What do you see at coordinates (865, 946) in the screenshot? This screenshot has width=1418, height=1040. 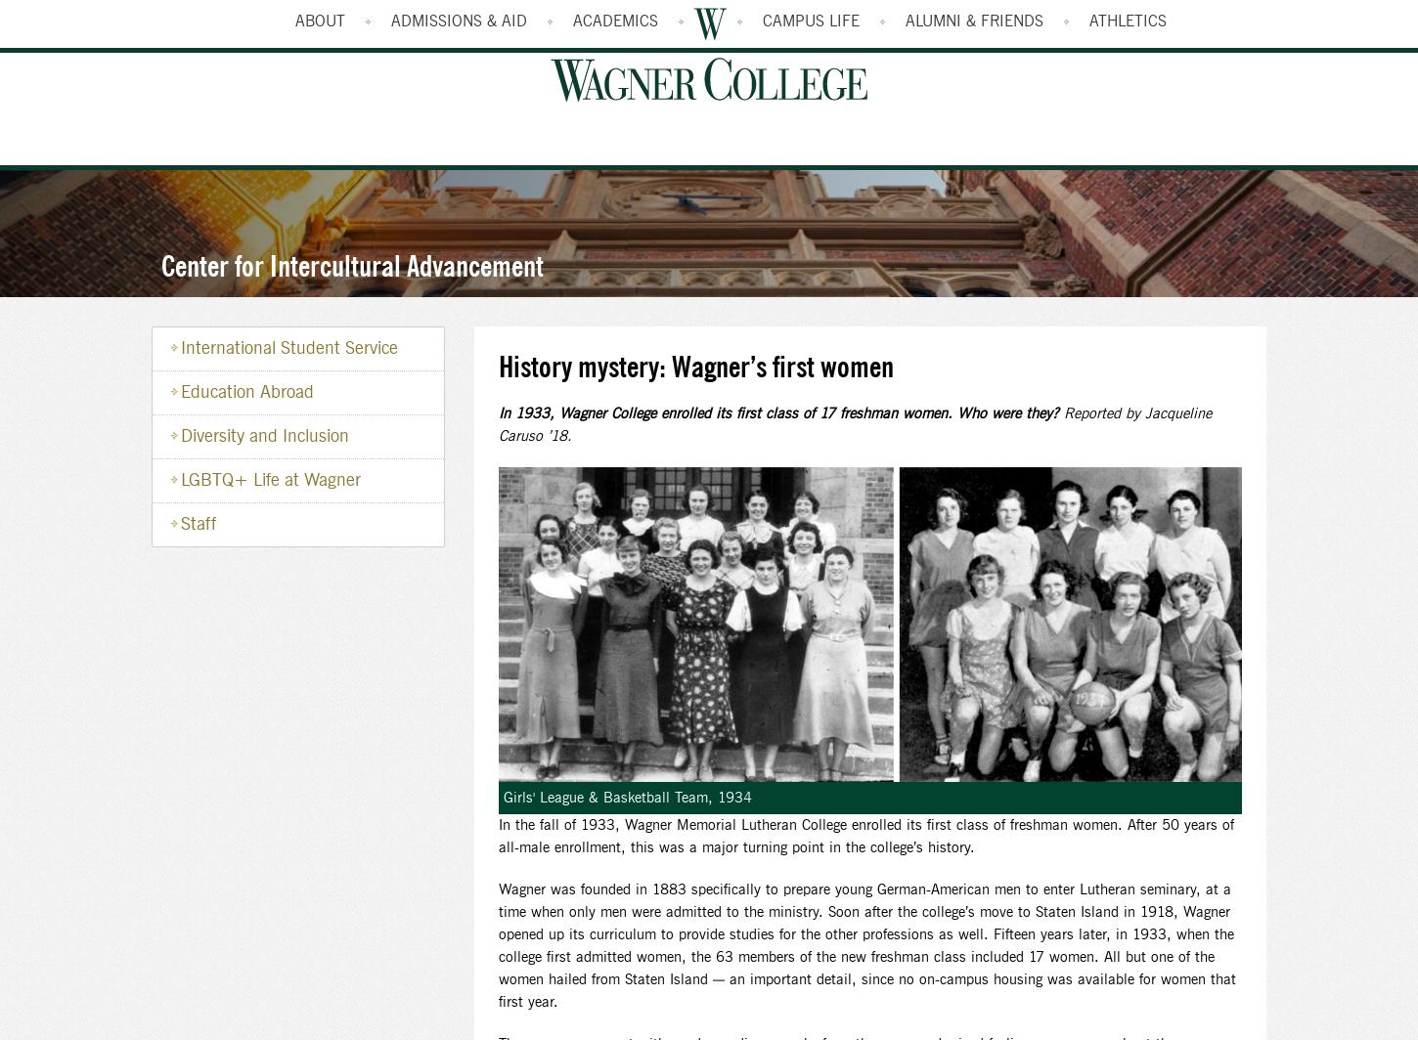 I see `'Wagner was founded in 1883 specifically to prepare young German-American men to enter Lutheran seminary, at a time when only men were admitted to the ministry. Soon after the college’s move to Staten Island in 1918, Wagner opened up its curriculum to provide studies for the other professions as well. Fifteen years later, in 1933, when the college first admitted women, the 63 members of the new freshman class included 17 women. All but one of the women hailed from Staten Island — an important detail, since no on-campus housing was available for women that first year.'` at bounding box center [865, 946].